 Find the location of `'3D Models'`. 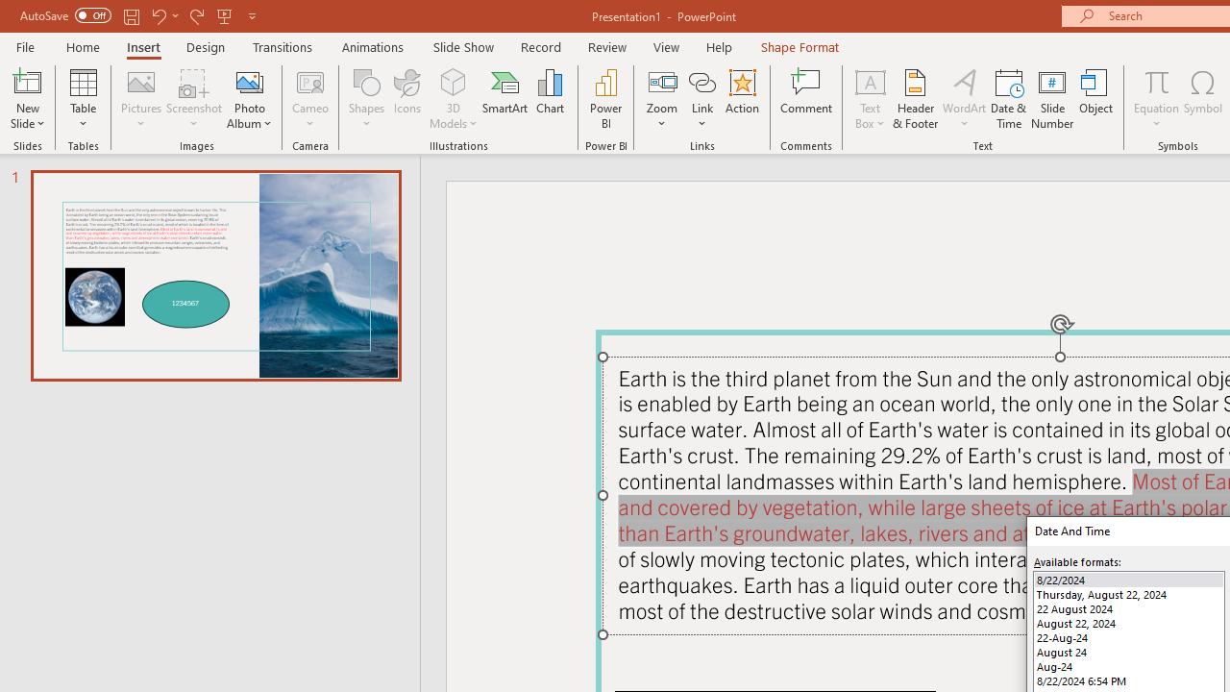

'3D Models' is located at coordinates (453, 99).